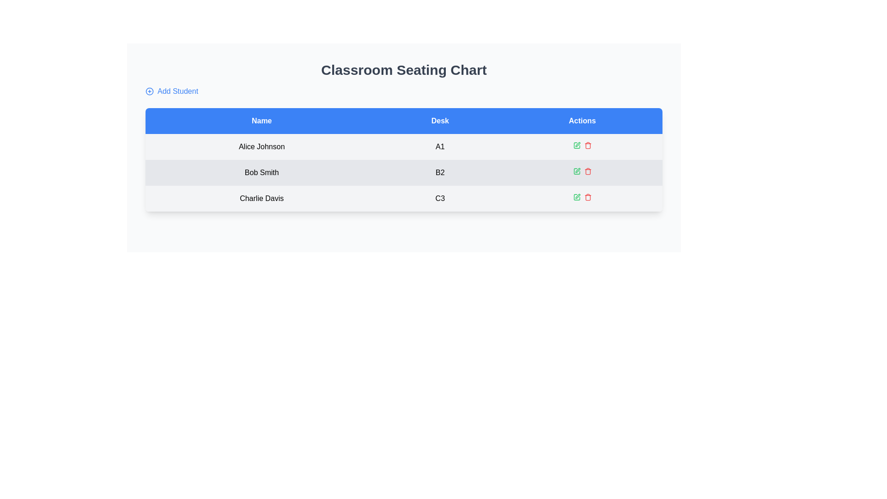 This screenshot has width=887, height=499. I want to click on the static text label representing the name 'Bob Smith' in the second row of the seating chart table, located to the left of the 'Desk' column entry 'B2', so click(261, 173).